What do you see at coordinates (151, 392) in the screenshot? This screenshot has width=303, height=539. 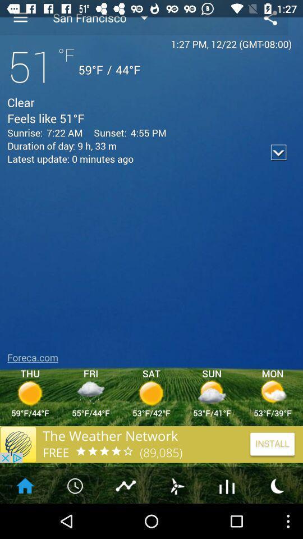 I see `the weather icon of saturday` at bounding box center [151, 392].